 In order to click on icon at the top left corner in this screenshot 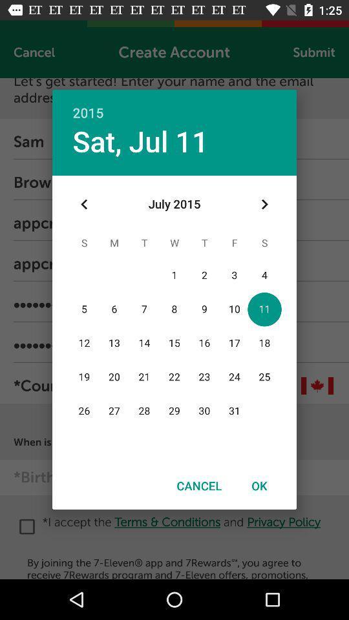, I will do `click(84, 204)`.